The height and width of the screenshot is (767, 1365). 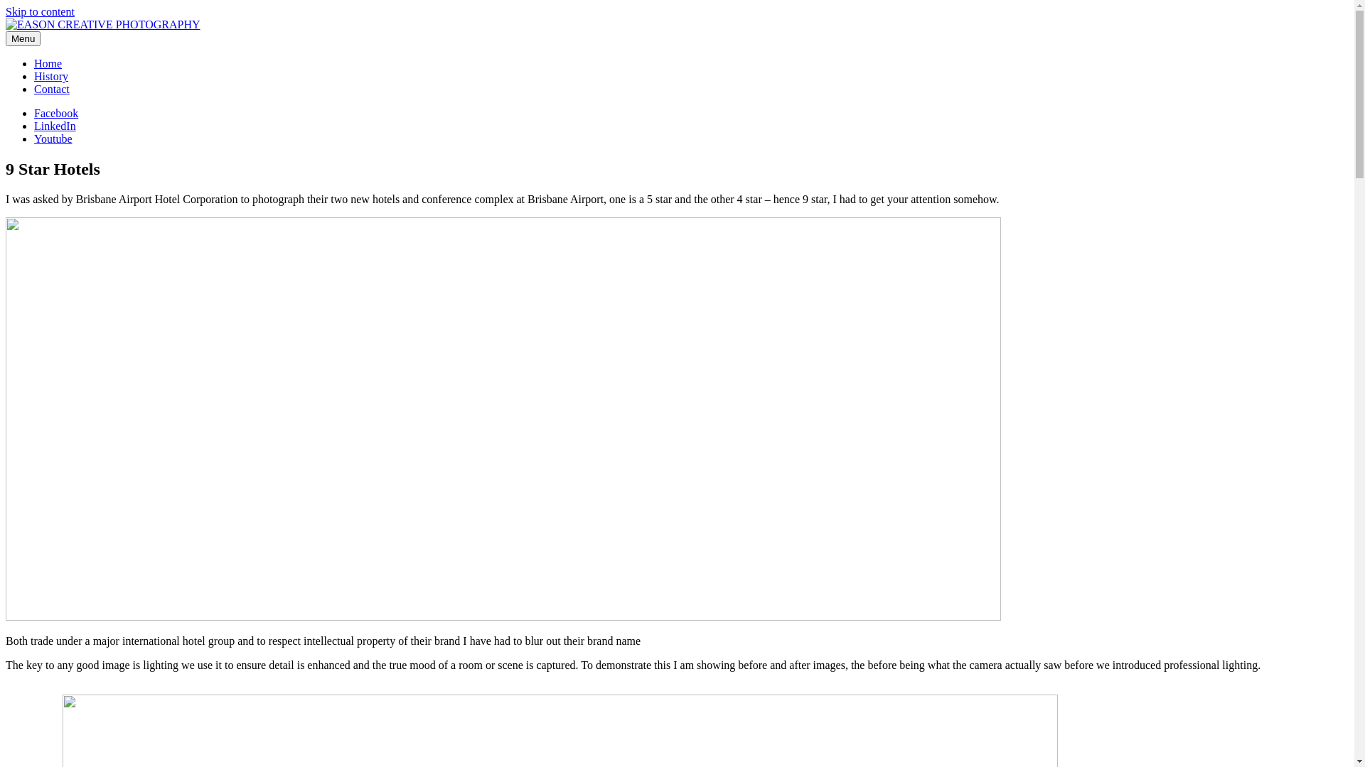 I want to click on 'Youtube', so click(x=53, y=138).